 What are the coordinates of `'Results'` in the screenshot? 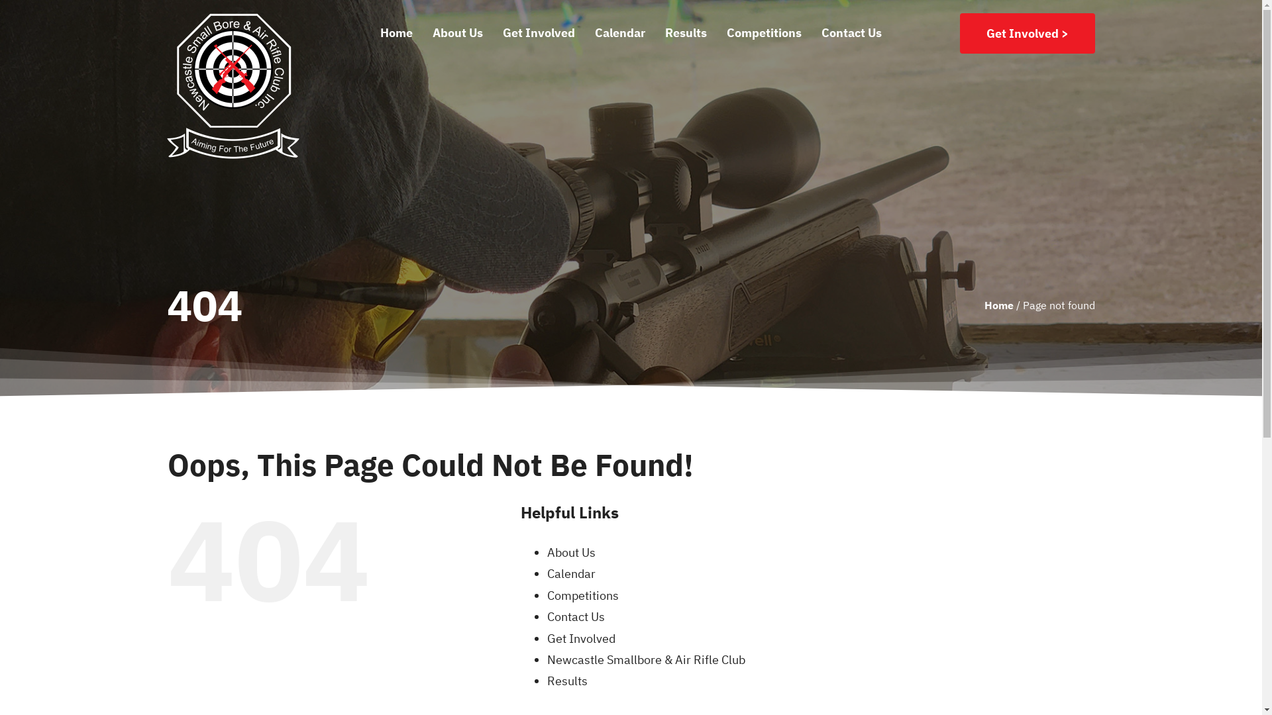 It's located at (567, 681).